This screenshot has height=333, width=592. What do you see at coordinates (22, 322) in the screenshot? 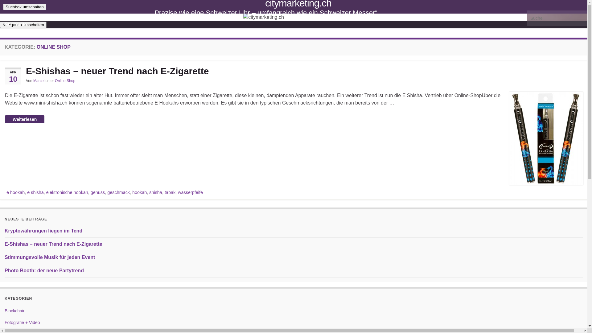
I see `'Fotografie + Video'` at bounding box center [22, 322].